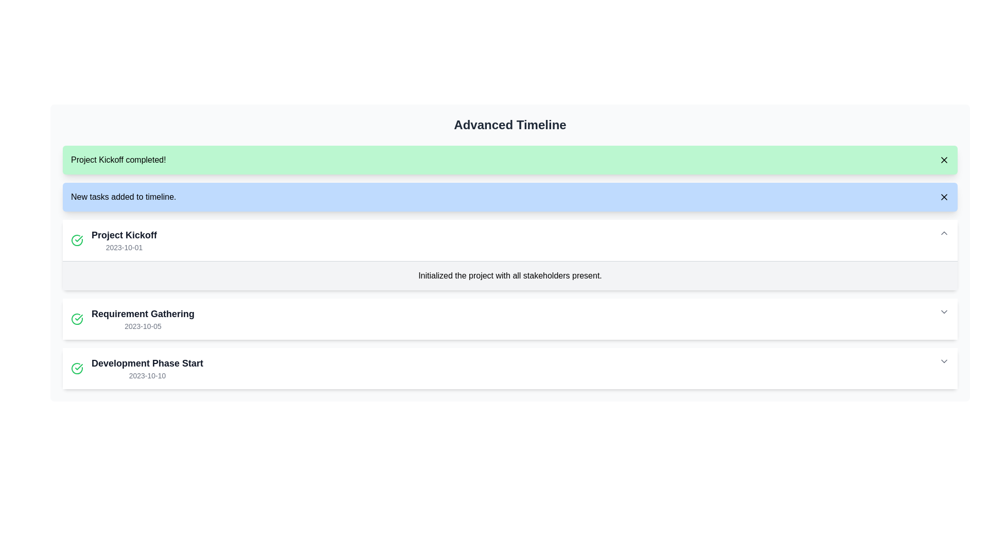  What do you see at coordinates (944, 160) in the screenshot?
I see `the close button represented as an 'X' icon on the right end of the green notification bar, located near the text 'Project Kickoff completed!'` at bounding box center [944, 160].